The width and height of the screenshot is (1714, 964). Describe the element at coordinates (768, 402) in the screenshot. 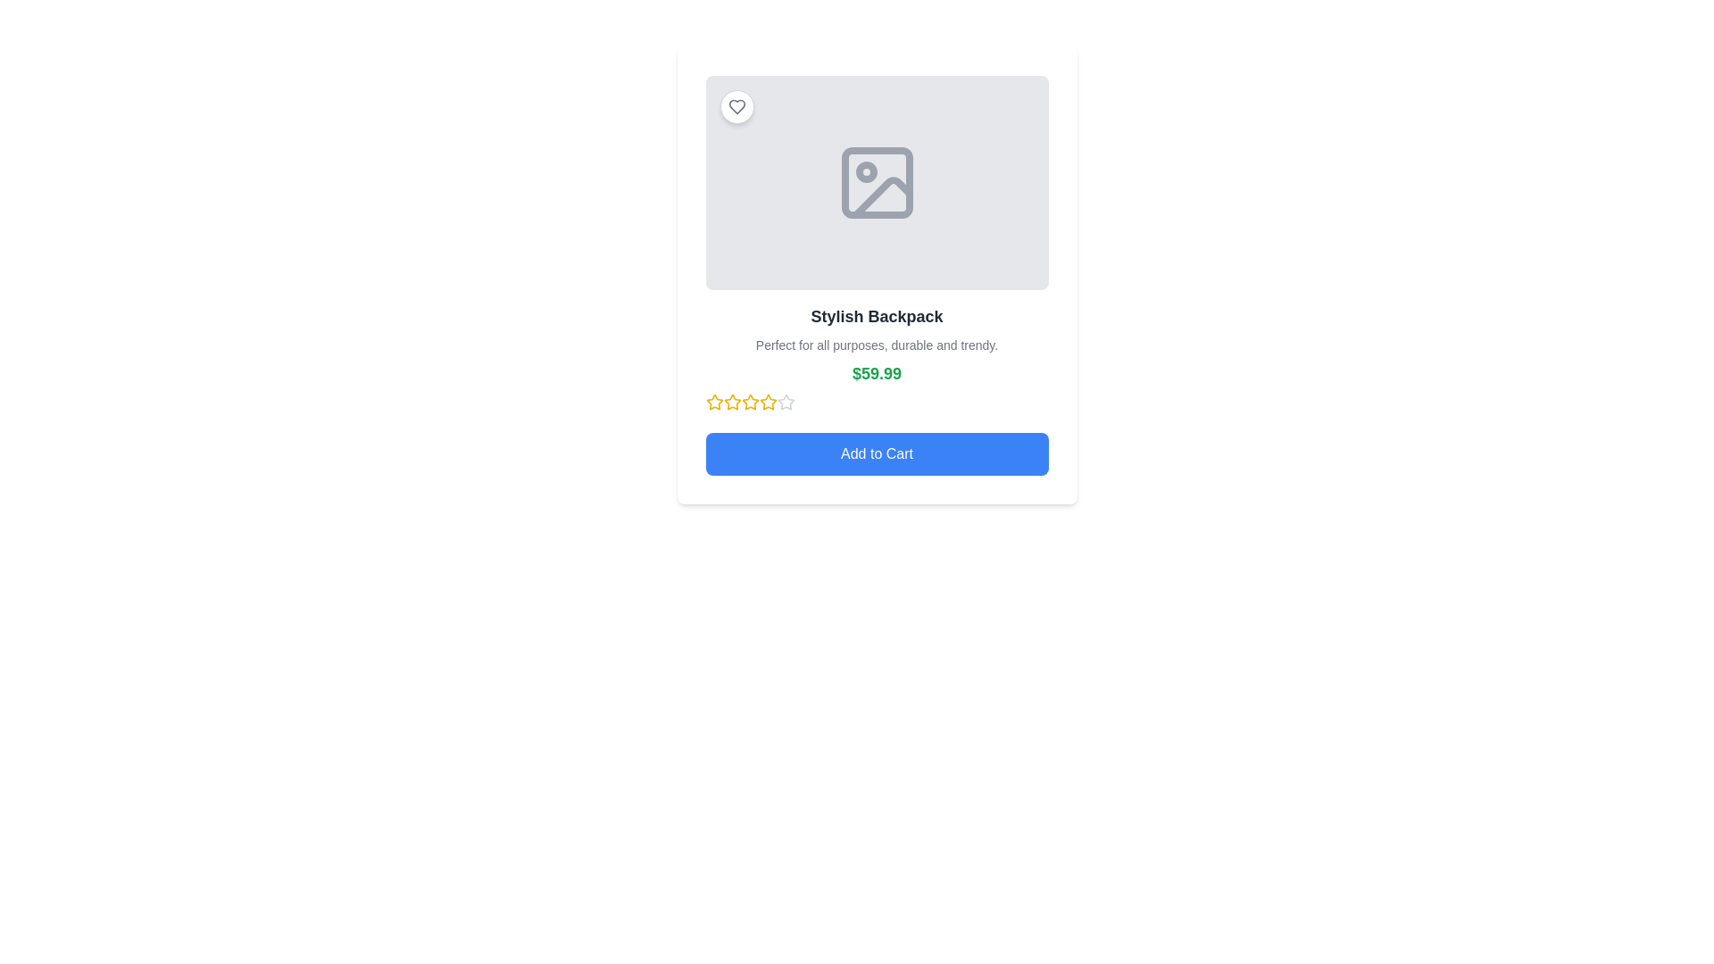

I see `the third star icon in the rating indicator` at that location.